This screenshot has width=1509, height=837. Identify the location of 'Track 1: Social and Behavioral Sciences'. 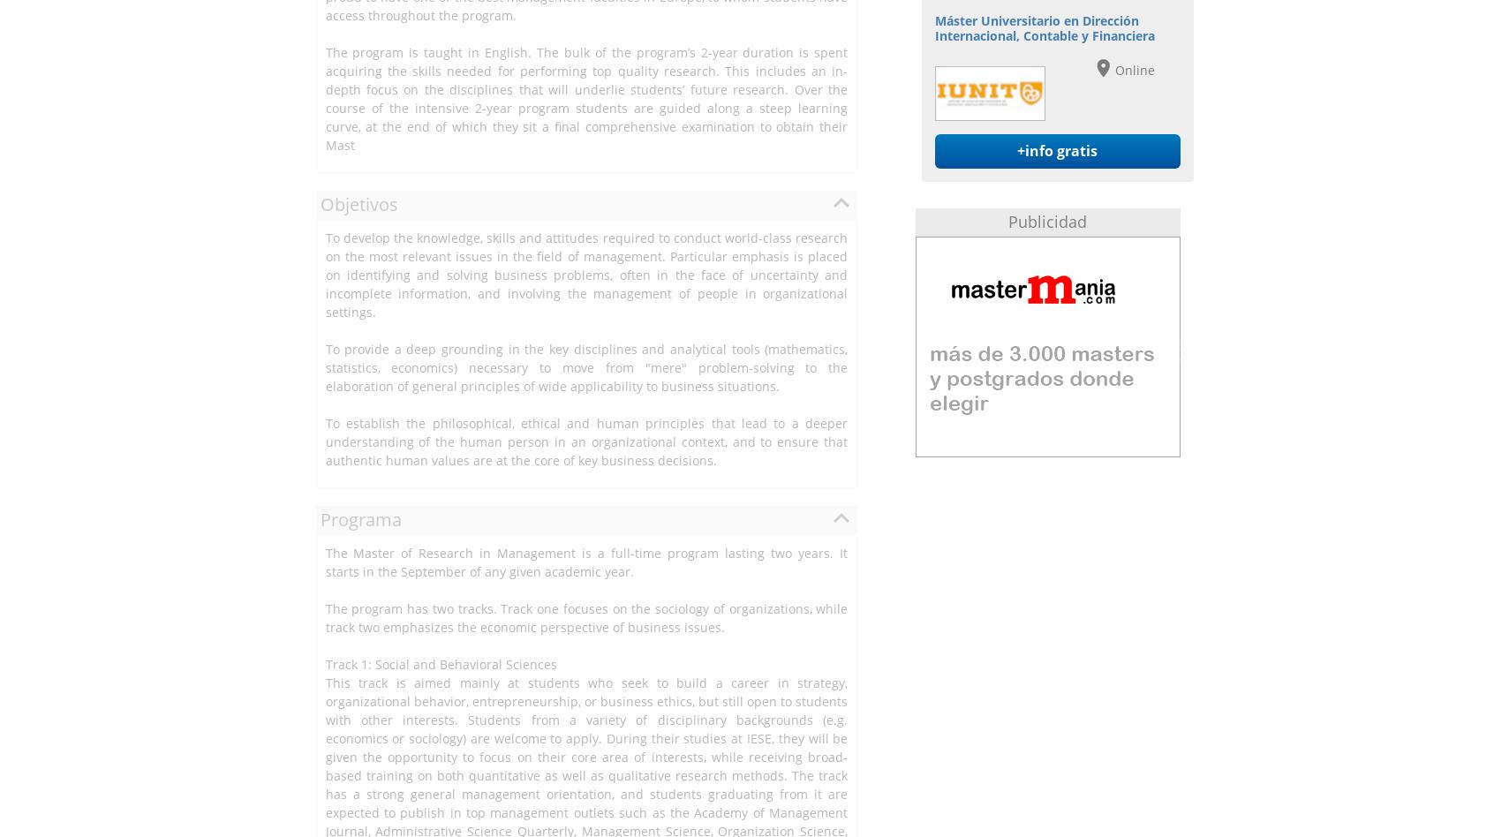
(440, 663).